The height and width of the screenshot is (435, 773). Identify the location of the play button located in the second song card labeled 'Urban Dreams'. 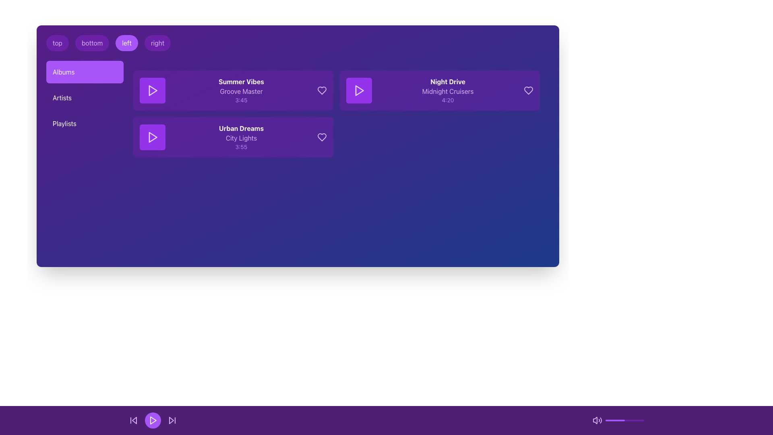
(153, 137).